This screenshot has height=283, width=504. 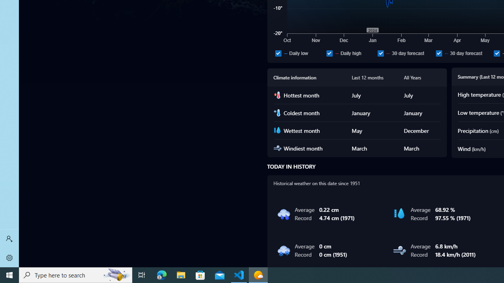 I want to click on 'Visual Studio Code - 1 running window', so click(x=239, y=274).